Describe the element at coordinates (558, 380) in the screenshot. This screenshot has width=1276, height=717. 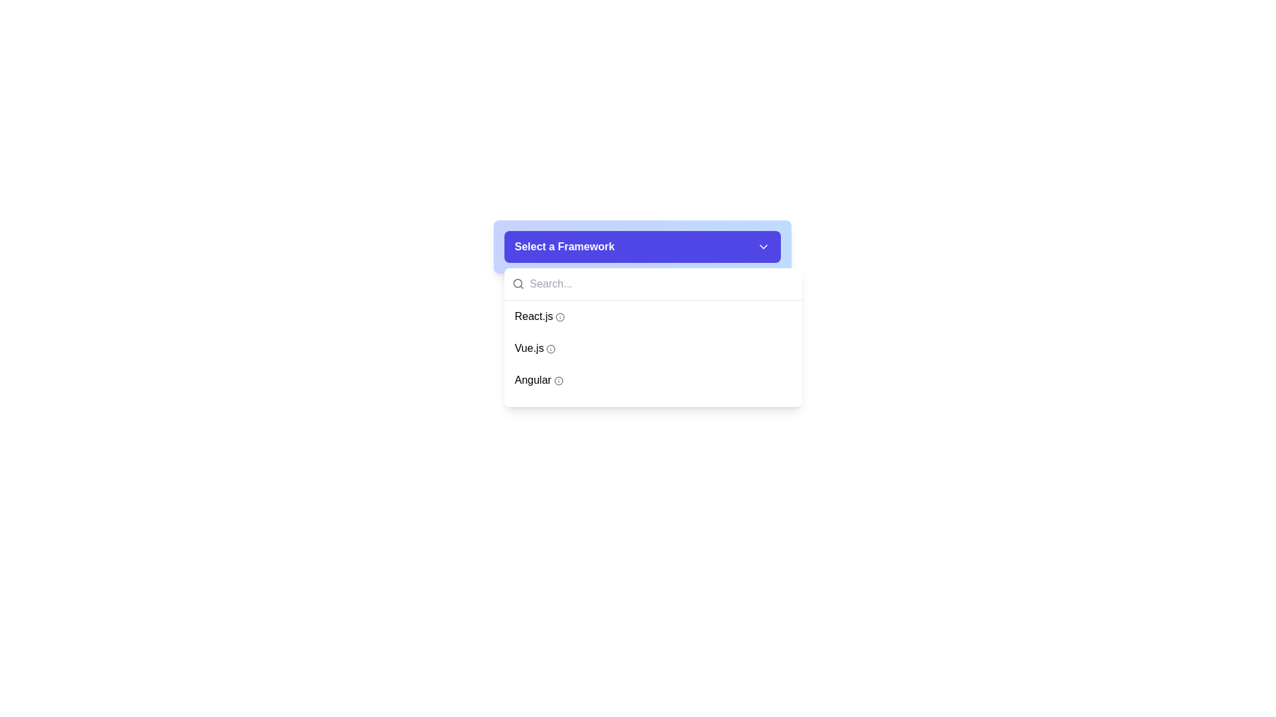
I see `the small circular gray icon with an 'i' symbol located immediately to the right of the 'Angular' text in the third item of the dropdown list` at that location.